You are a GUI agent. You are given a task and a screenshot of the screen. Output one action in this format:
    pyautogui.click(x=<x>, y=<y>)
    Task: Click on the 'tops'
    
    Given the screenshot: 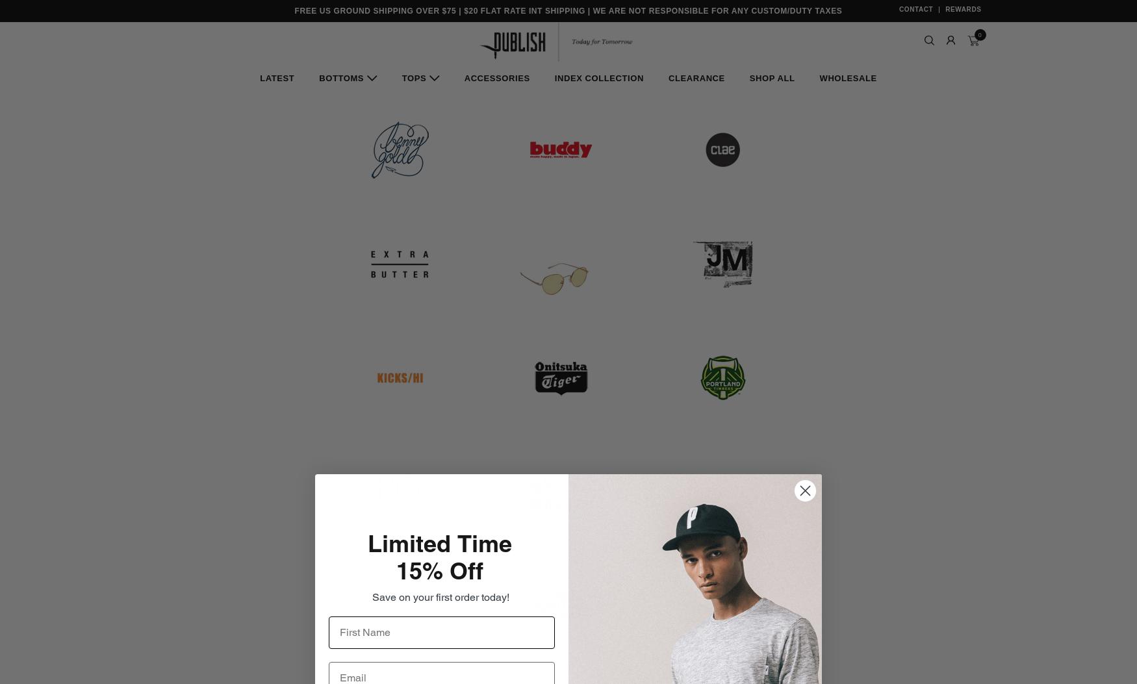 What is the action you would take?
    pyautogui.click(x=413, y=78)
    